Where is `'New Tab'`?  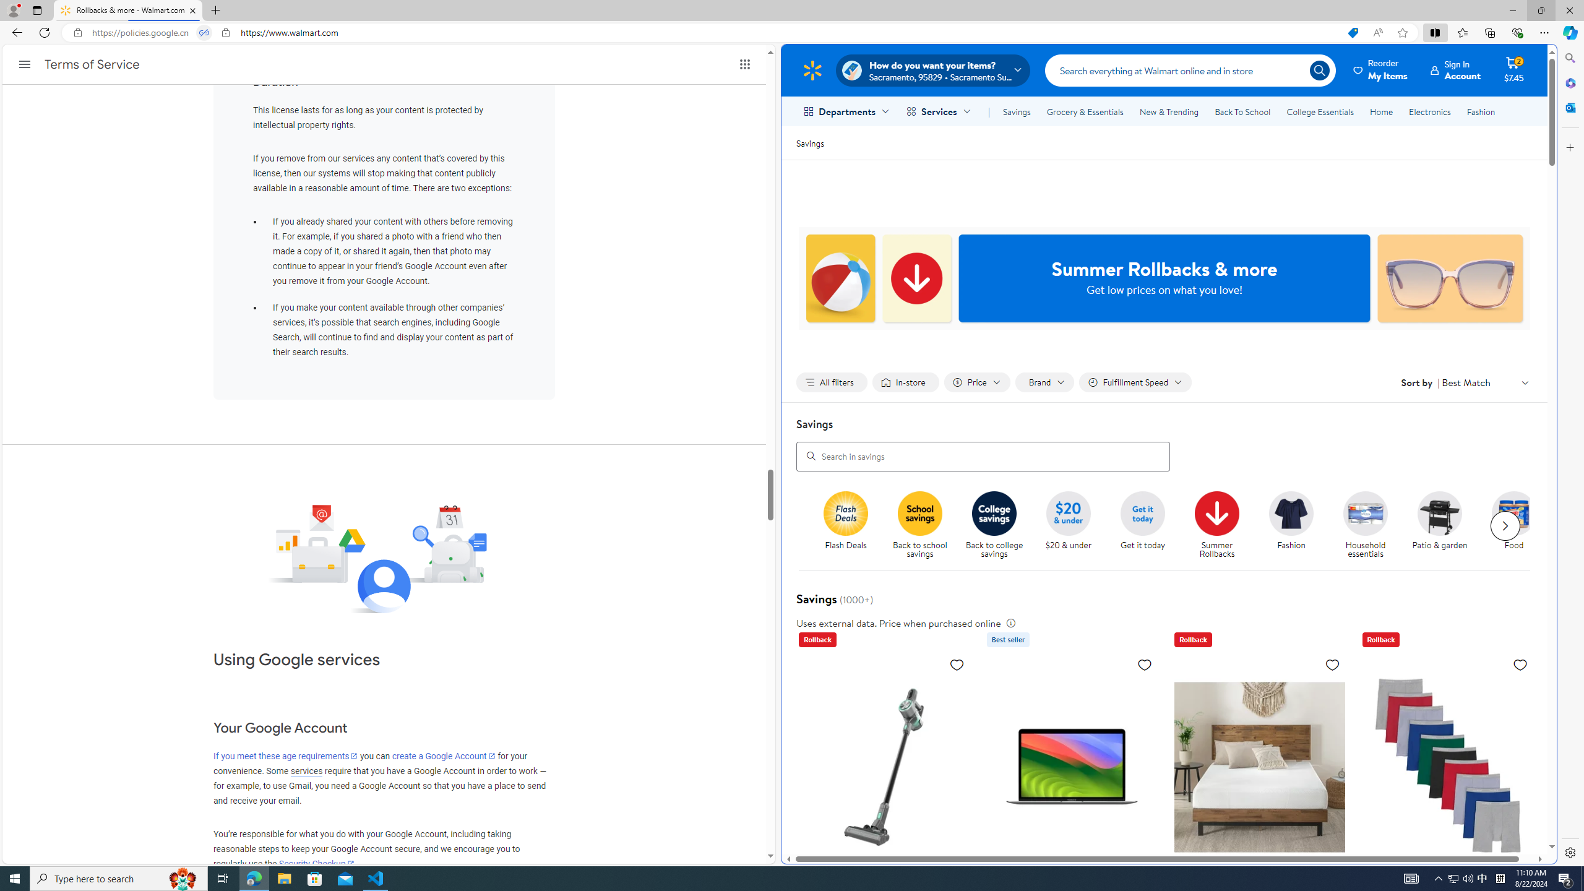
'New Tab' is located at coordinates (215, 10).